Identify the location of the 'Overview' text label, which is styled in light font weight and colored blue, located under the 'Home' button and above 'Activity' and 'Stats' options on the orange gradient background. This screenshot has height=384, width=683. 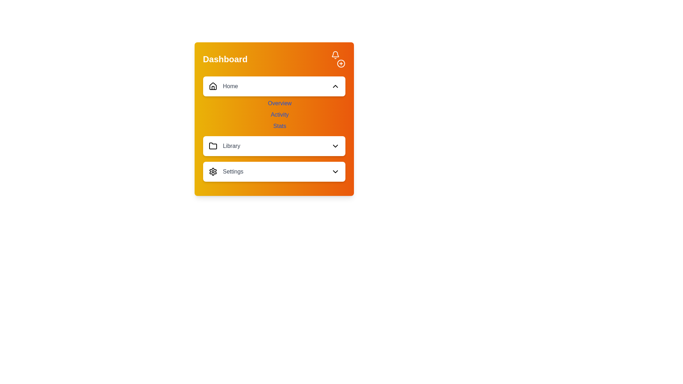
(279, 103).